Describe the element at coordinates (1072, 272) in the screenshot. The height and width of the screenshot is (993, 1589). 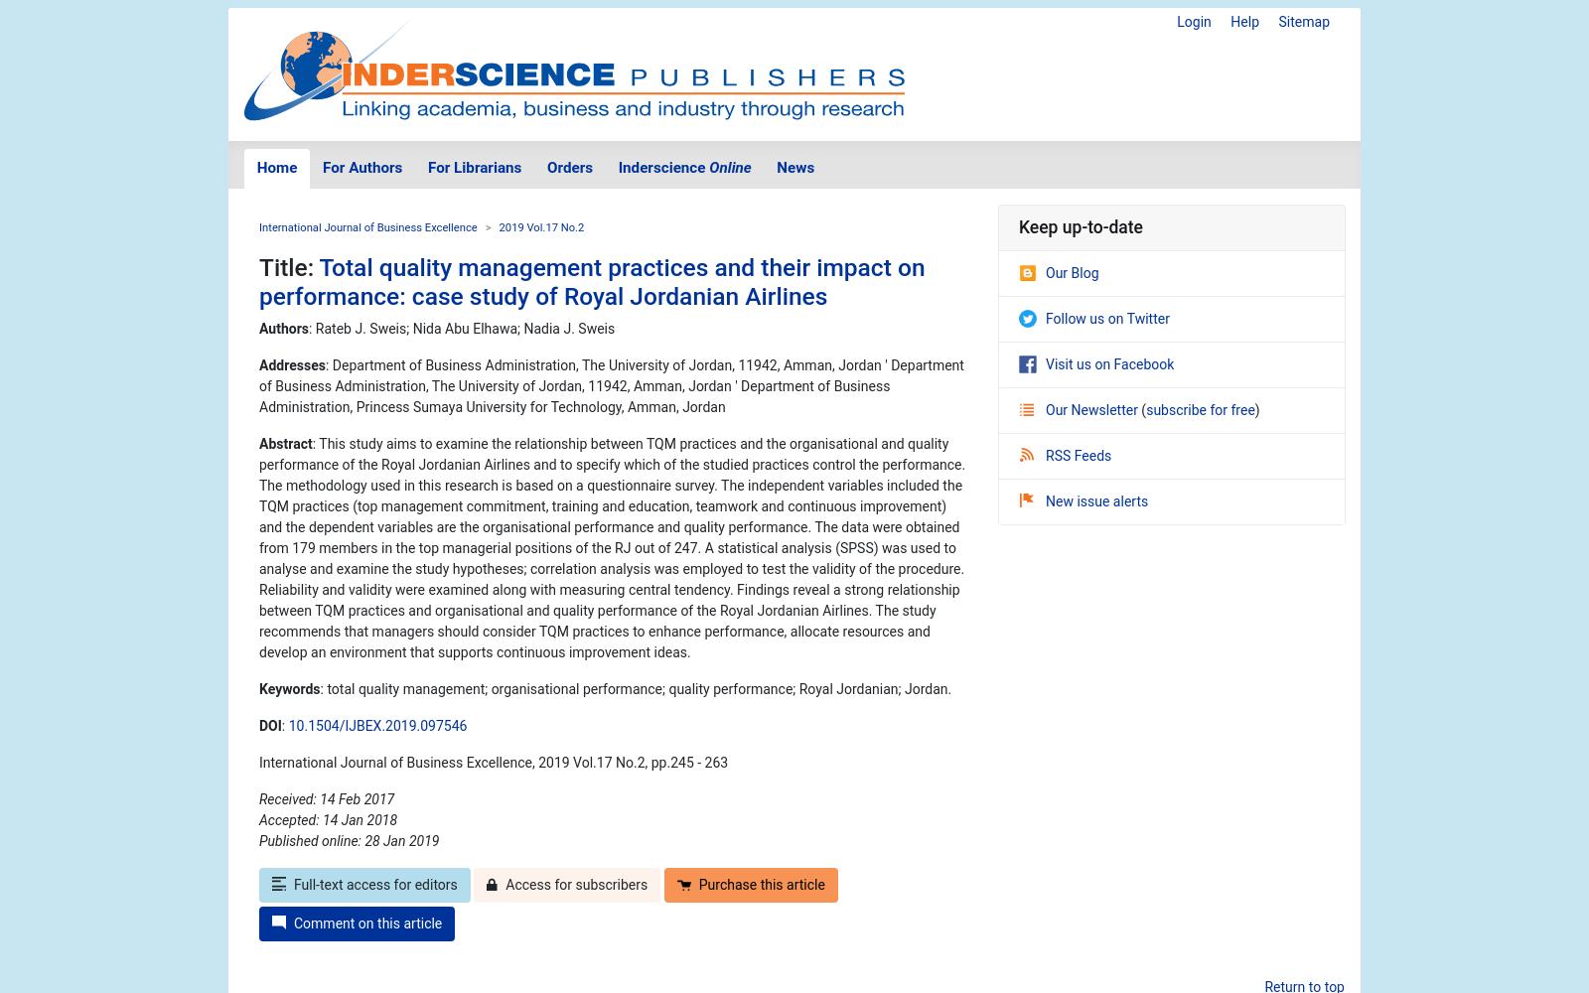
I see `'Our Blog'` at that location.